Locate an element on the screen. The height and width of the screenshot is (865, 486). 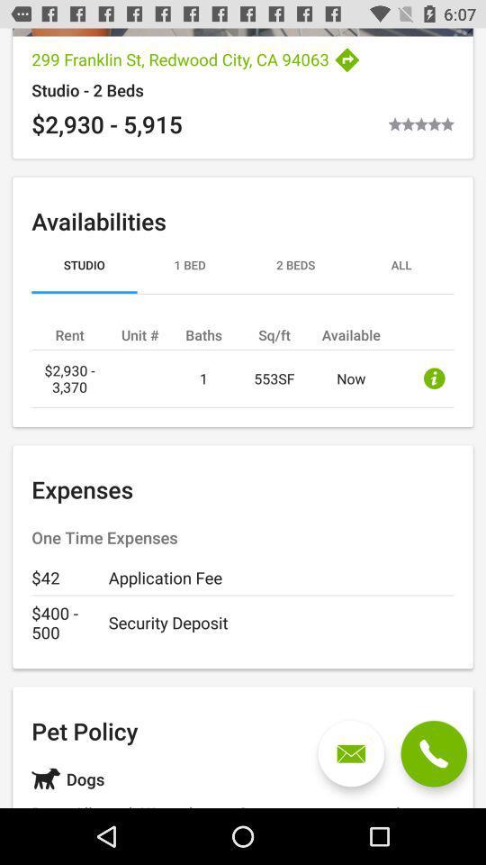
the email icon is located at coordinates (351, 753).